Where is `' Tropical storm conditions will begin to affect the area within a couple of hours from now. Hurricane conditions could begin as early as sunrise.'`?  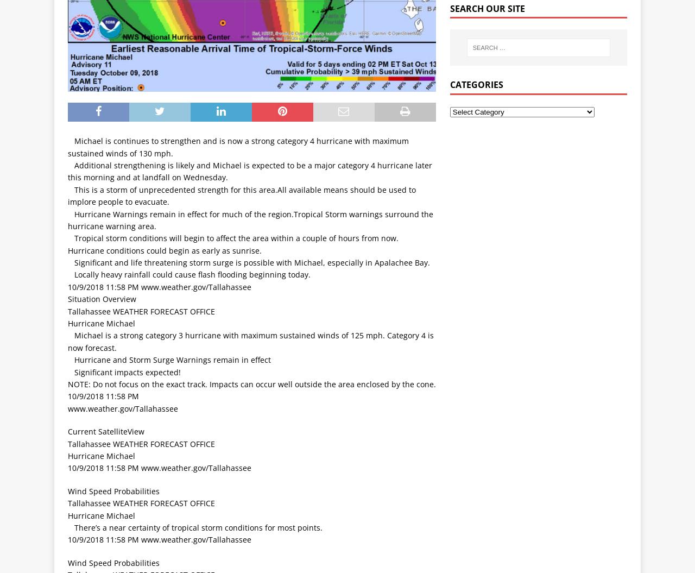
' Tropical storm conditions will begin to affect the area within a couple of hours from now. Hurricane conditions could begin as early as sunrise.' is located at coordinates (232, 243).